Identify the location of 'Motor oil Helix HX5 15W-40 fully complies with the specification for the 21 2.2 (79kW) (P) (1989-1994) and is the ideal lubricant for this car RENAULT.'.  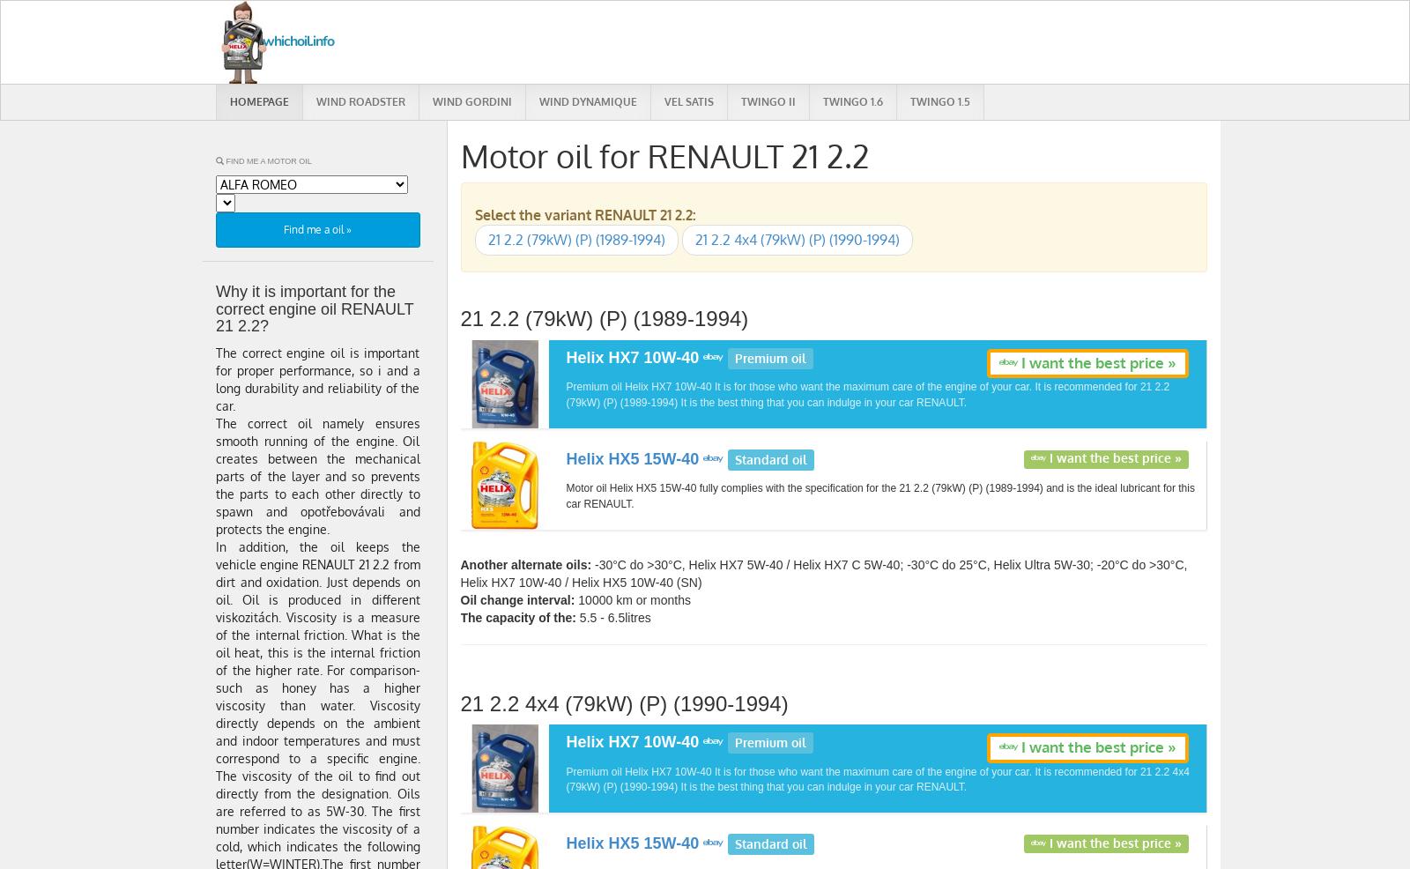
(879, 494).